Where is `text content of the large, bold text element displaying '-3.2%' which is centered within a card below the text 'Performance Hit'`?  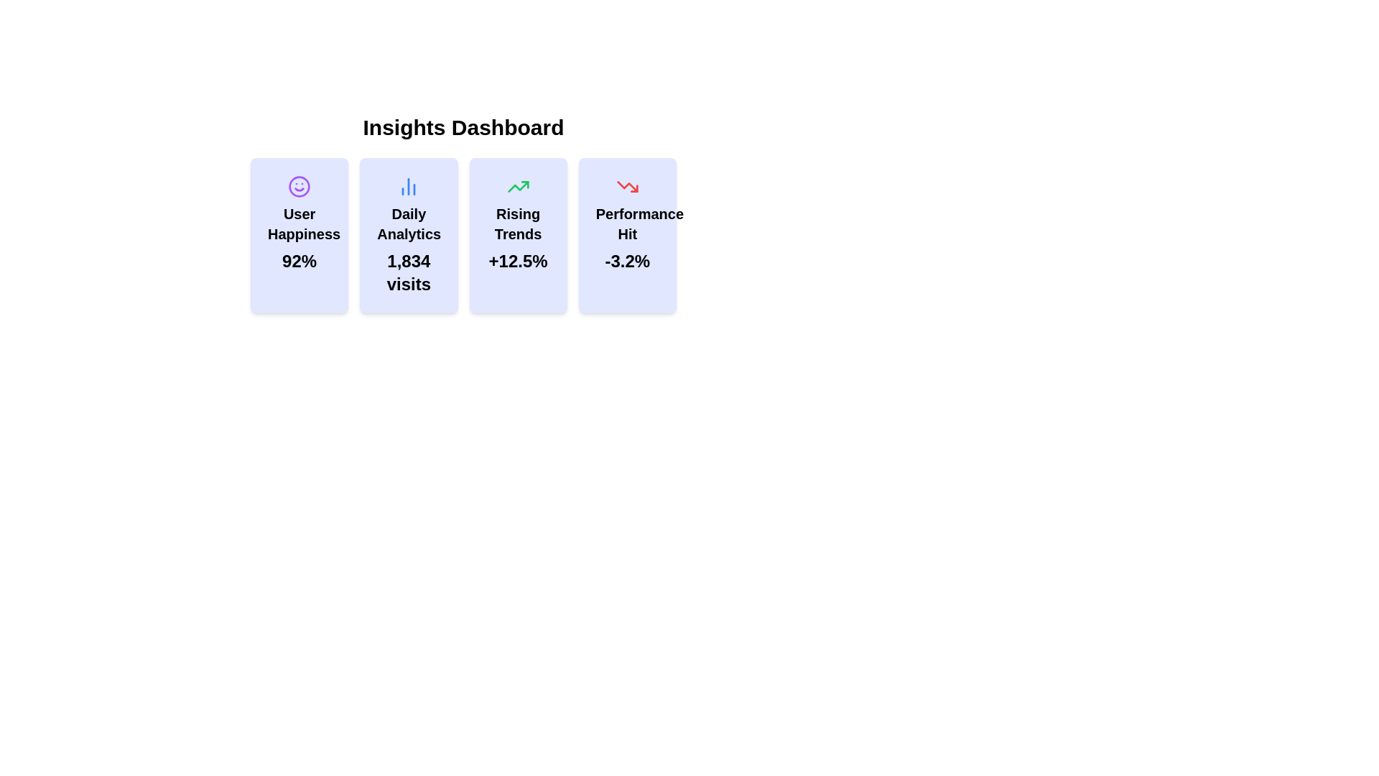
text content of the large, bold text element displaying '-3.2%' which is centered within a card below the text 'Performance Hit' is located at coordinates (627, 261).